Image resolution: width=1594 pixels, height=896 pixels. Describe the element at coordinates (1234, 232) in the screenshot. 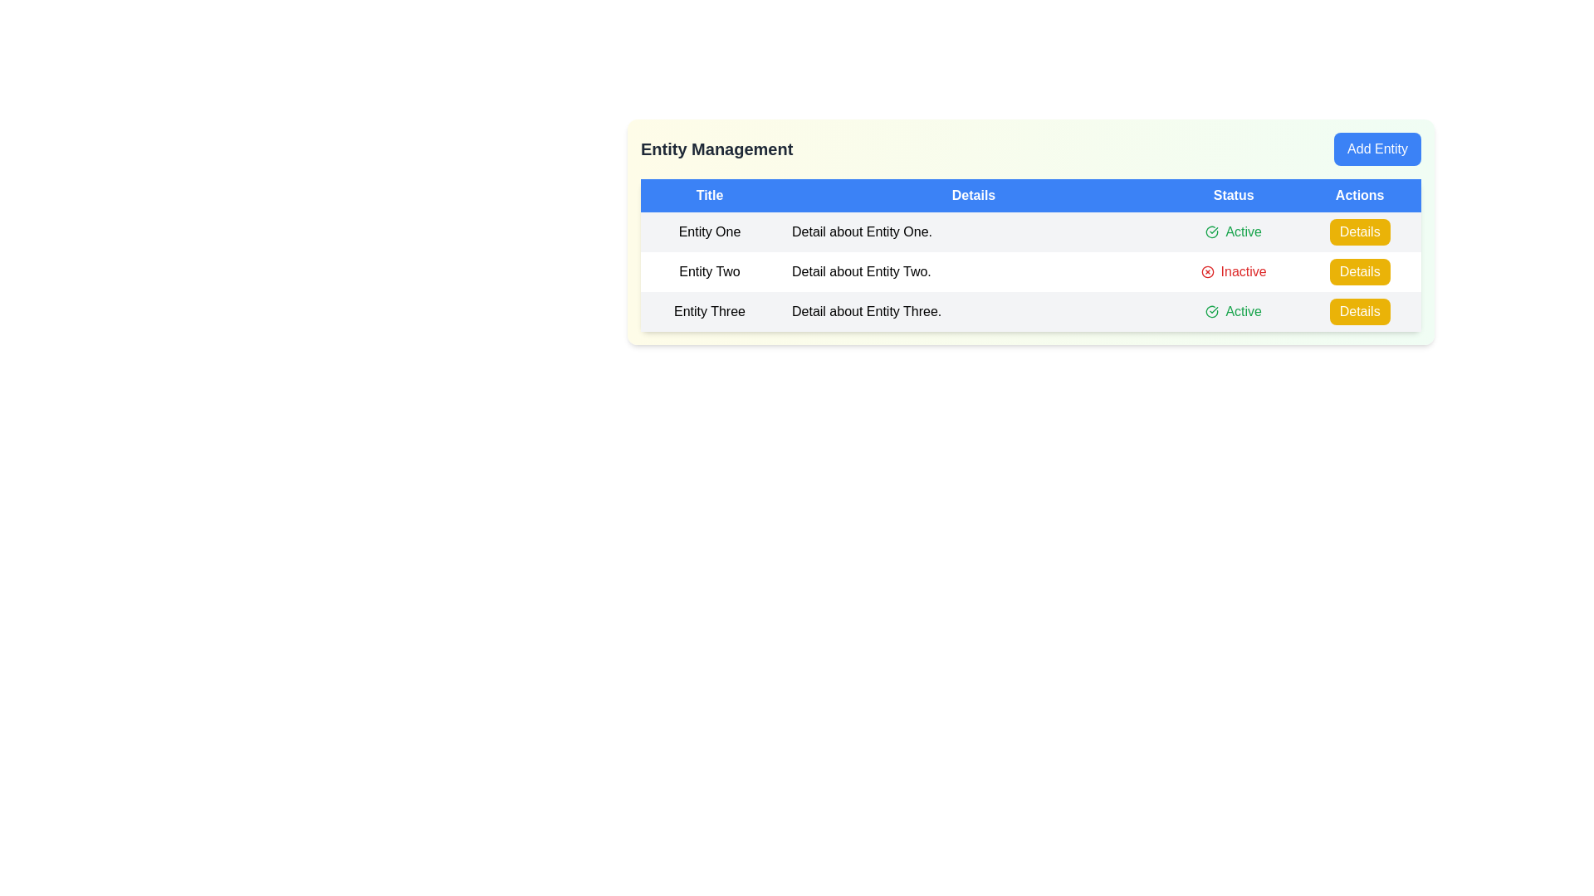

I see `the 'Active' status text label in the first row of the table under the 'Status' column, adjacent to the 'Details' button for 'Entity One'` at that location.